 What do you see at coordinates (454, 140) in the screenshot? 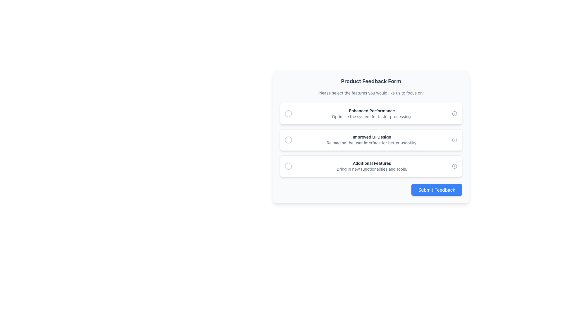
I see `the circular icon element with a gray border located next to the text 'Improved UI Design' in the second list item of the feedback form` at bounding box center [454, 140].